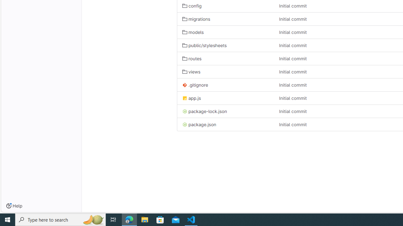 The width and height of the screenshot is (403, 226). I want to click on 'views', so click(191, 71).